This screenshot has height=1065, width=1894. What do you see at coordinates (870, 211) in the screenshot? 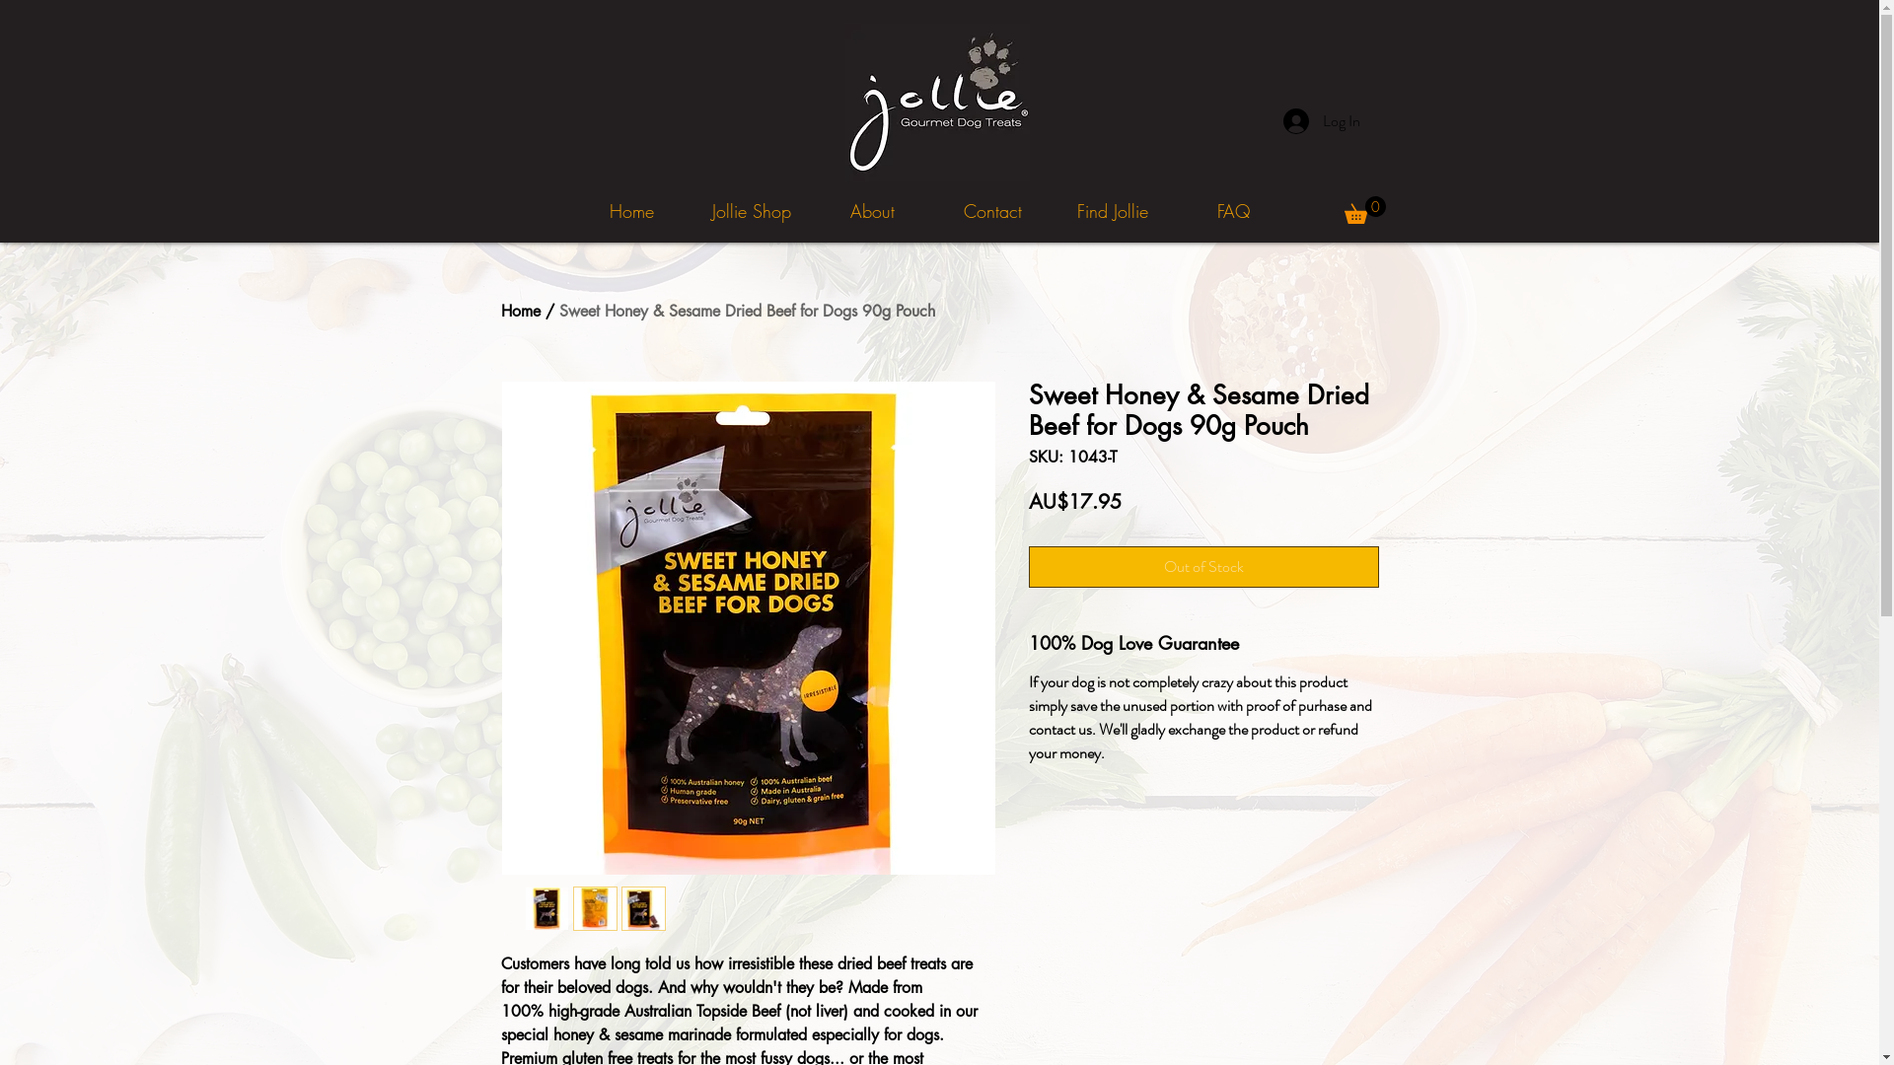
I see `'About'` at bounding box center [870, 211].